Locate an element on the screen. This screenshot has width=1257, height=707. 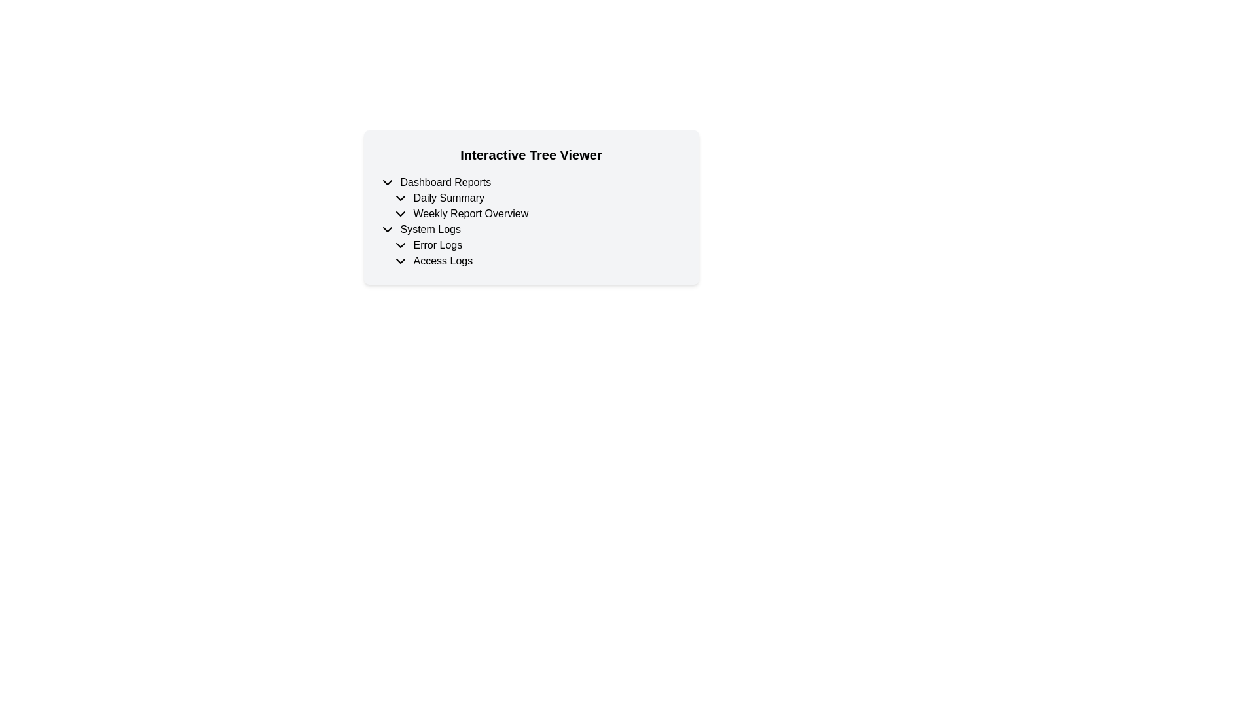
the 'Daily Summary' expandable tree item is located at coordinates (531, 198).